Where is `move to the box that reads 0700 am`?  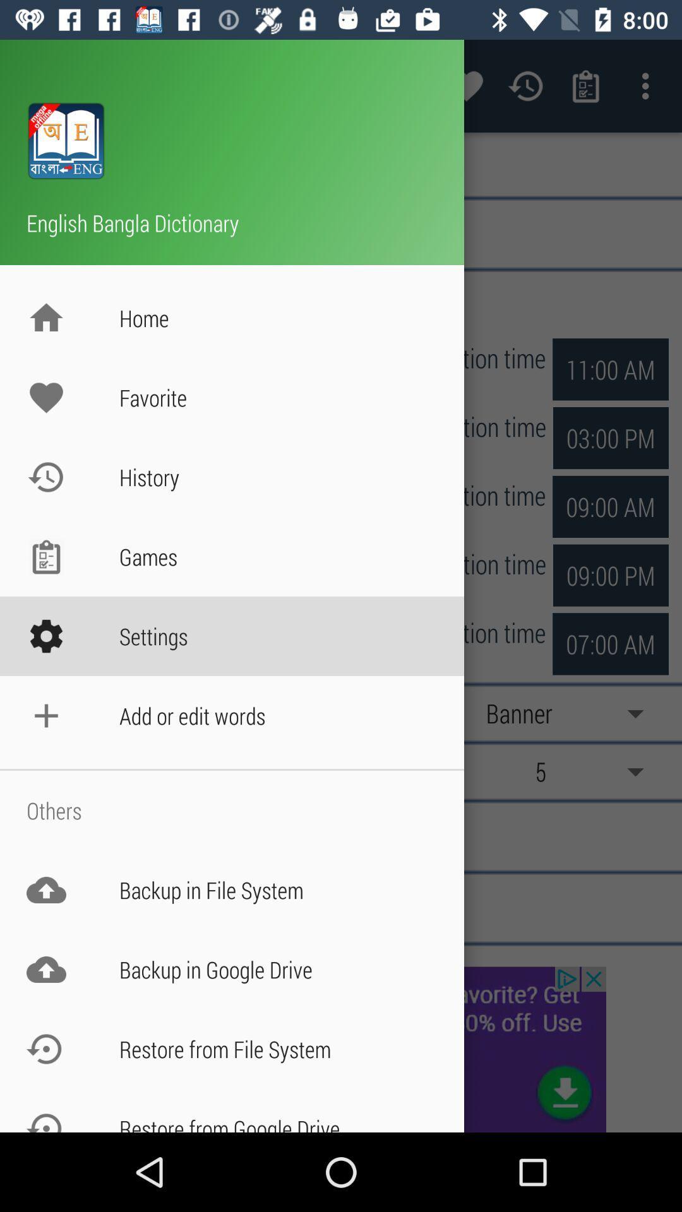
move to the box that reads 0700 am is located at coordinates (610, 575).